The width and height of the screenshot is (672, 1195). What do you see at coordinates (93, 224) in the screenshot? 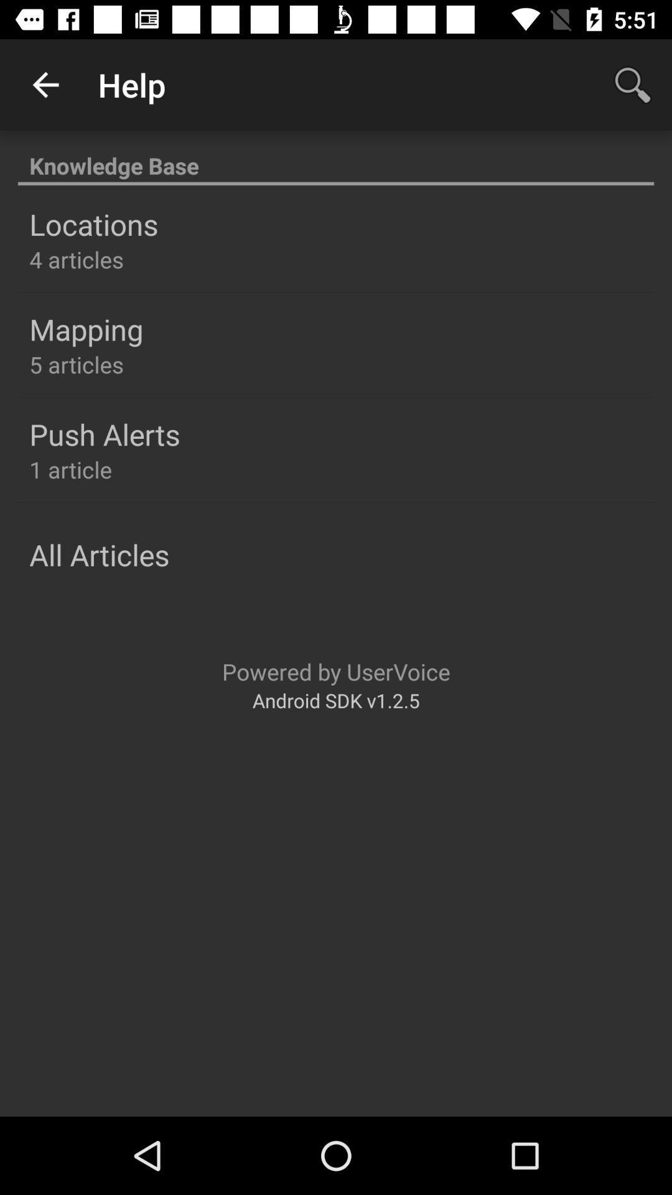
I see `locations item` at bounding box center [93, 224].